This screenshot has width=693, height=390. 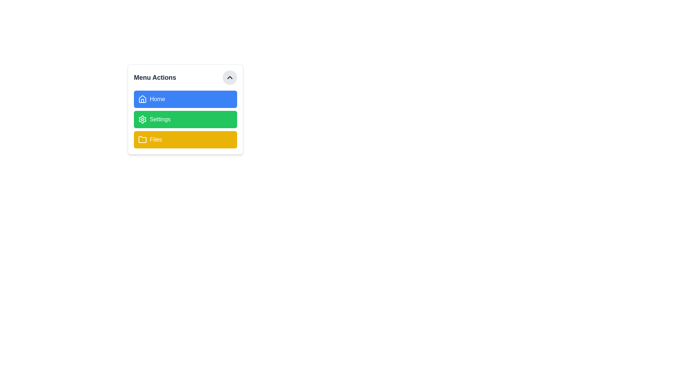 What do you see at coordinates (185, 139) in the screenshot?
I see `the 'Files' button, which is the third and bottommost button in a vertical stack of three buttons, located below the 'Settings' button` at bounding box center [185, 139].